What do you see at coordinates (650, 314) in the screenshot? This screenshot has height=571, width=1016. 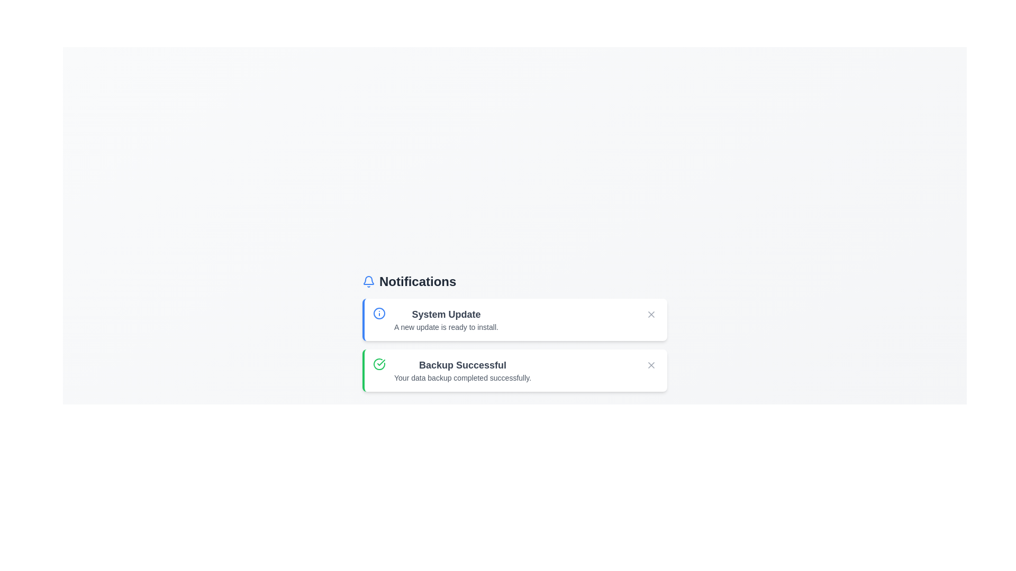 I see `the gray 'X' icon in the upper-right corner of the 'System Update' notification card` at bounding box center [650, 314].